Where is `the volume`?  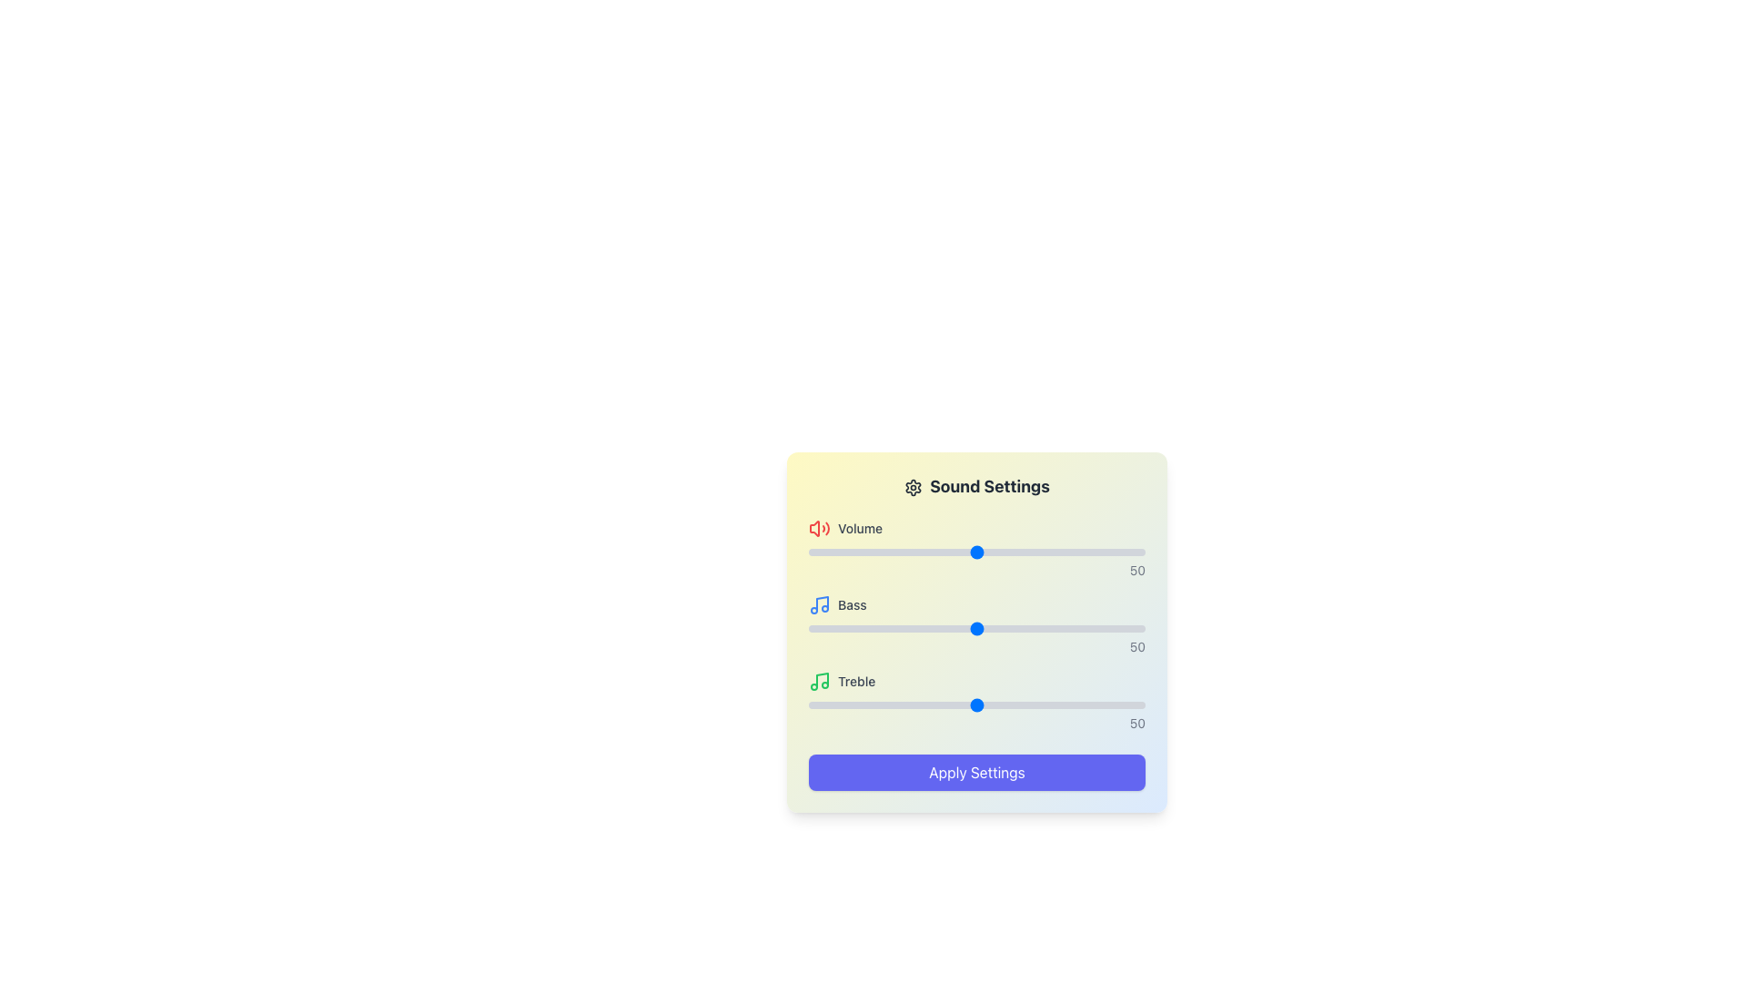 the volume is located at coordinates (926, 551).